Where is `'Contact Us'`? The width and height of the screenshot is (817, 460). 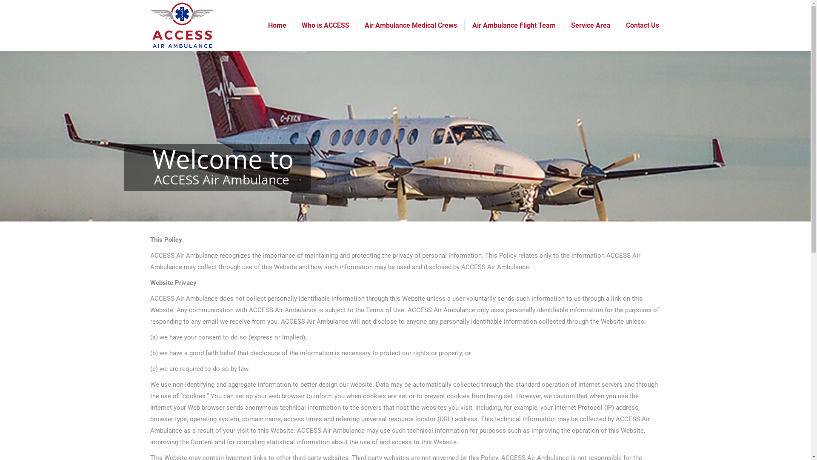 'Contact Us' is located at coordinates (642, 25).